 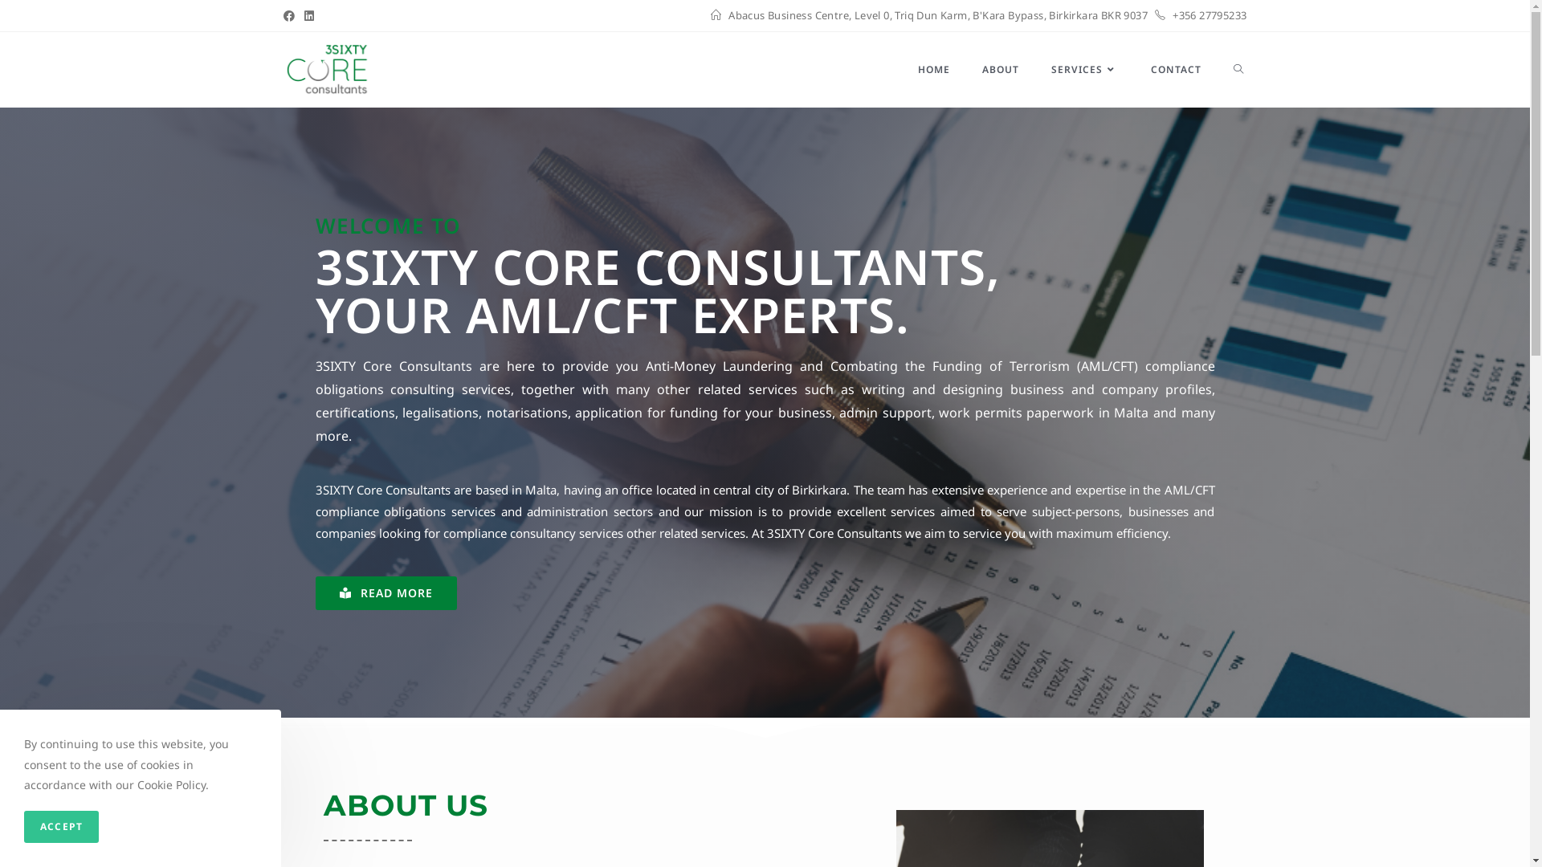 I want to click on 'ABOUT', so click(x=964, y=69).